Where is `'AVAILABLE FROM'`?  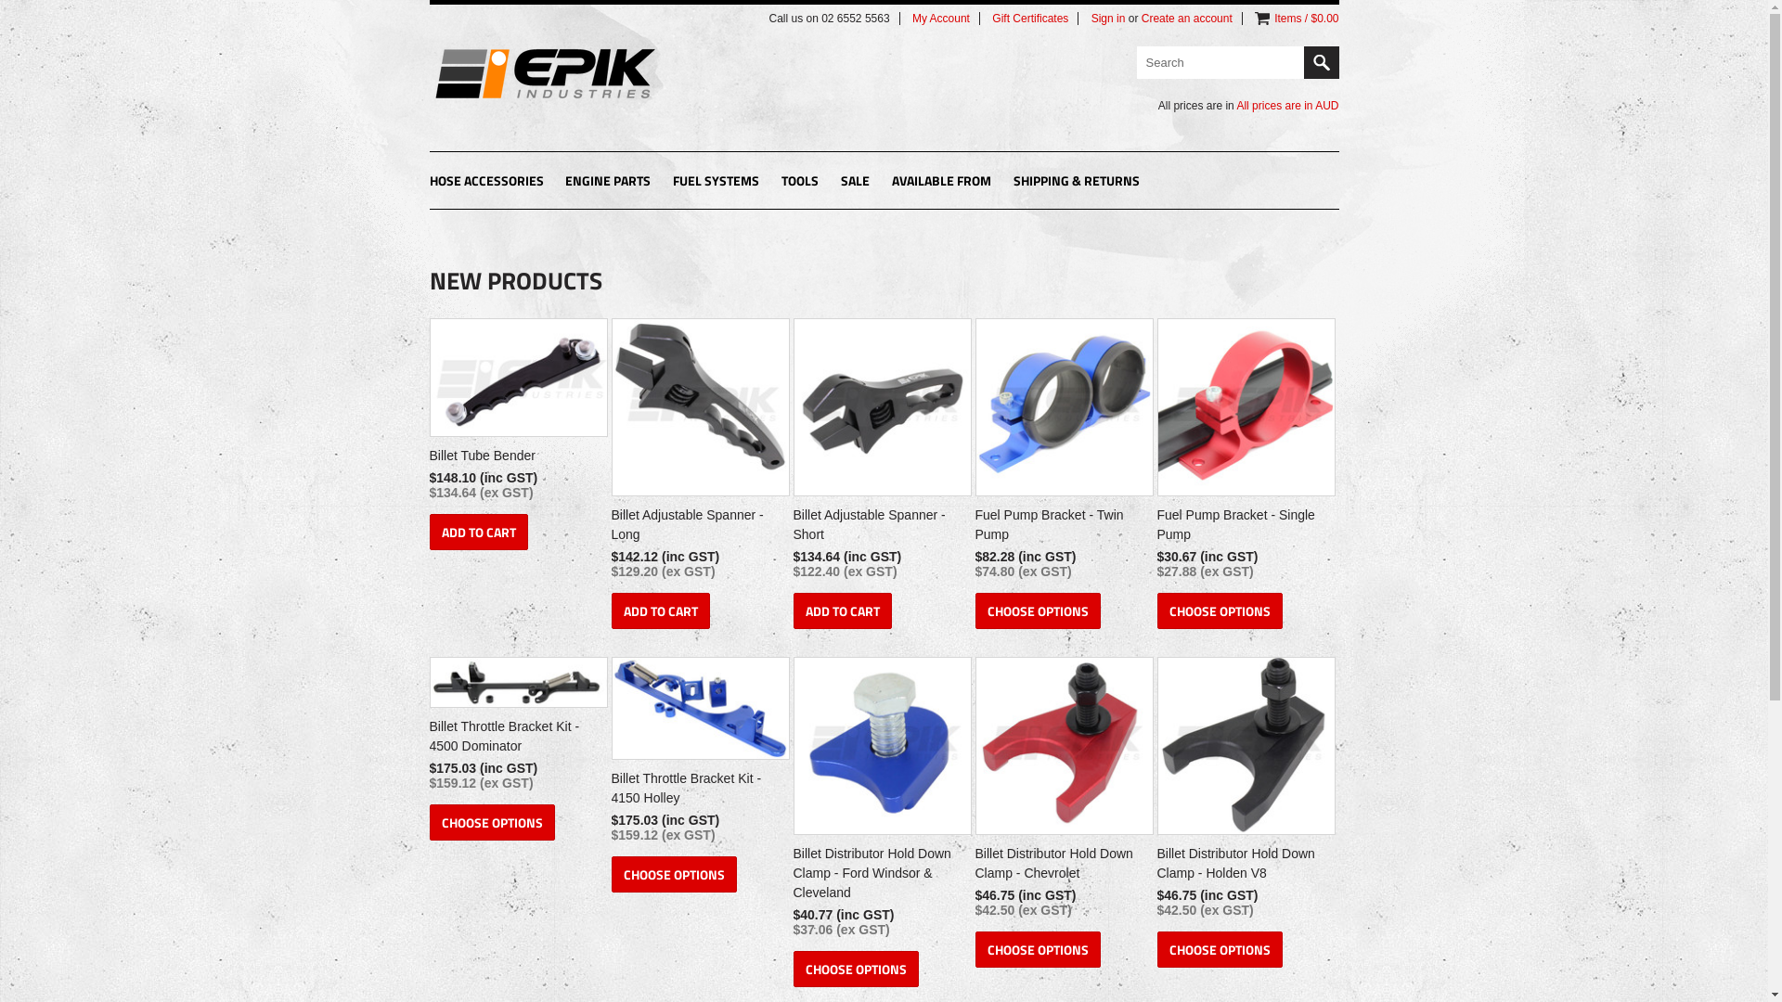 'AVAILABLE FROM' is located at coordinates (941, 182).